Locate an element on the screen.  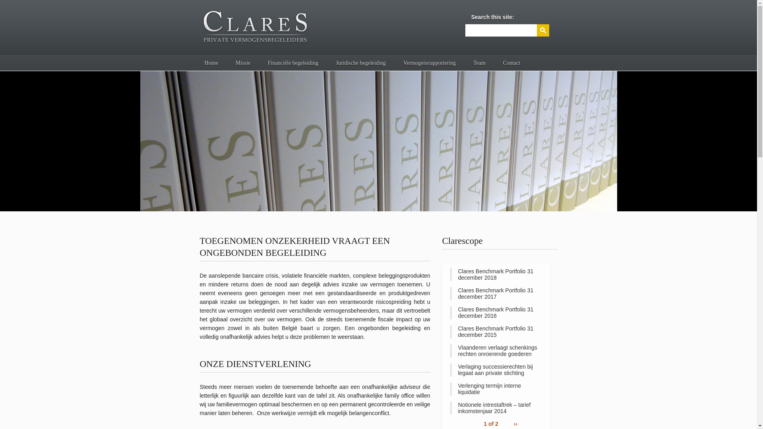
'Clares Benchmark Portfolio 31 december 2017' is located at coordinates (495, 294).